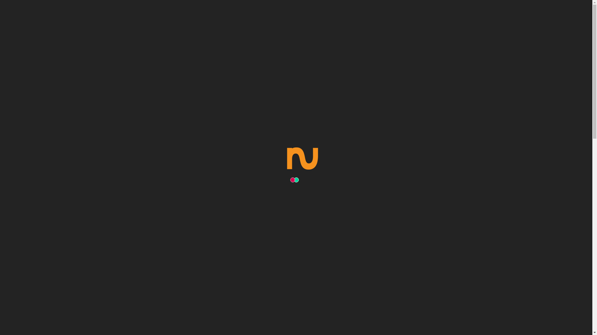 Image resolution: width=597 pixels, height=335 pixels. Describe the element at coordinates (134, 16) in the screenshot. I see `'Nuapp Productions - App Developers - St Kilda'` at that location.